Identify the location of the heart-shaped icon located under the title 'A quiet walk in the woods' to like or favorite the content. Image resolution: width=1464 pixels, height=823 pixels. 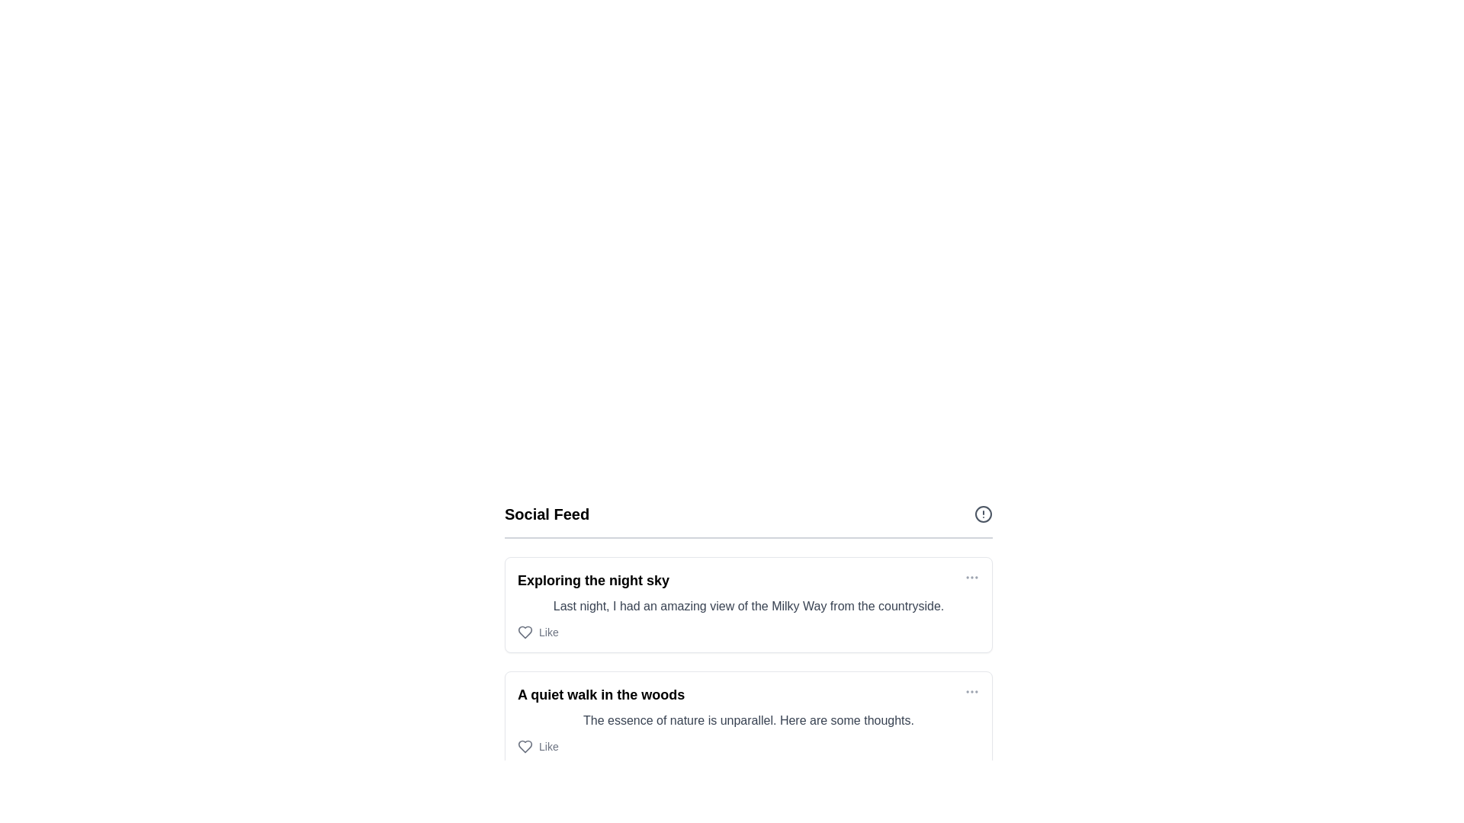
(525, 745).